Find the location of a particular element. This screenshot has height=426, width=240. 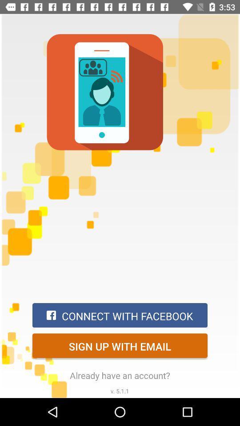

icon above v 5 1 item is located at coordinates (120, 375).